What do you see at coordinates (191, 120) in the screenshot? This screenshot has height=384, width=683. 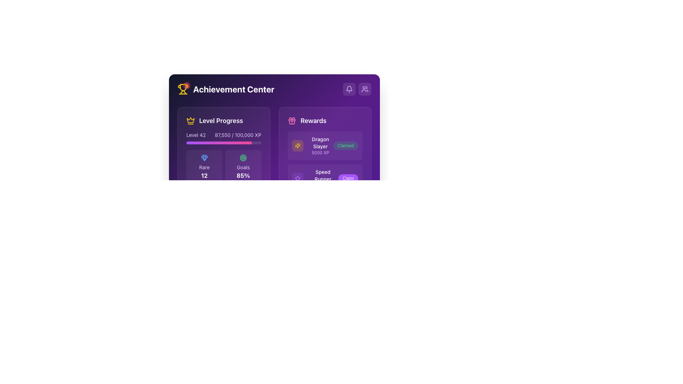 I see `the symbolic representation of the crown icon located at the top-left corner of the 'Level Progress' section, adjacent to the 'Level Progress' label` at bounding box center [191, 120].